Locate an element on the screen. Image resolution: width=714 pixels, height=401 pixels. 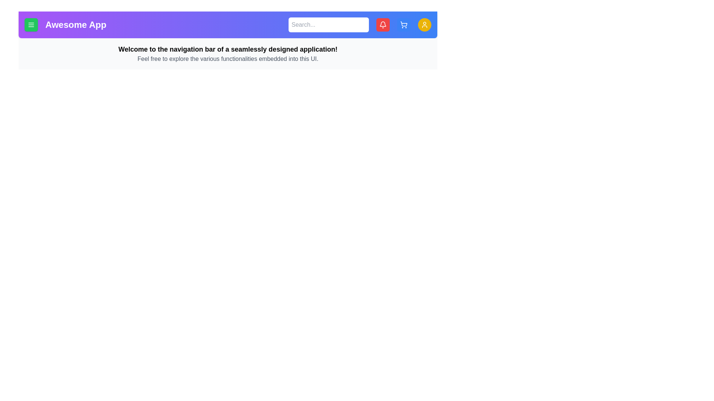
shopping cart button to view the cart is located at coordinates (403, 24).